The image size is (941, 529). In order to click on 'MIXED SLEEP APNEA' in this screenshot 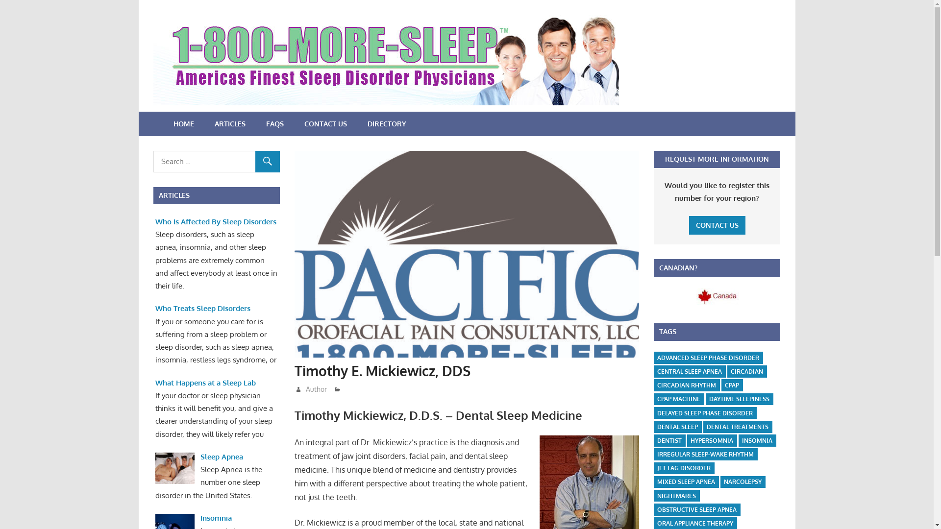, I will do `click(686, 481)`.